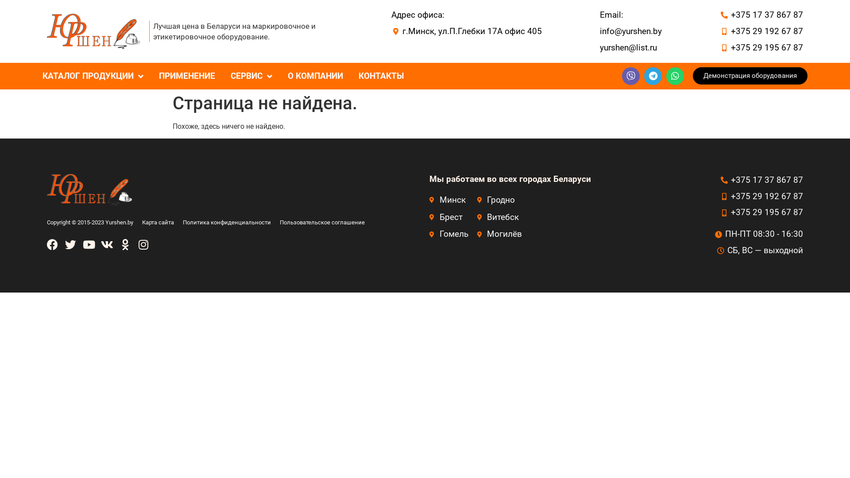 The height and width of the screenshot is (478, 850). Describe the element at coordinates (761, 196) in the screenshot. I see `'+375 29 192 67 87'` at that location.